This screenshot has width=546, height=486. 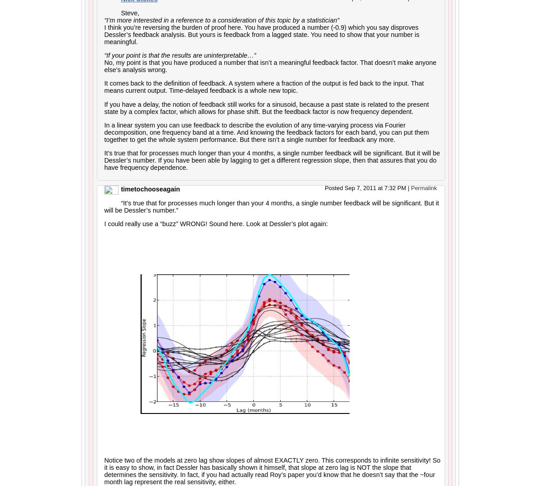 I want to click on 'Posted Sep 7, 2011 at 7:32 PM', so click(x=365, y=187).